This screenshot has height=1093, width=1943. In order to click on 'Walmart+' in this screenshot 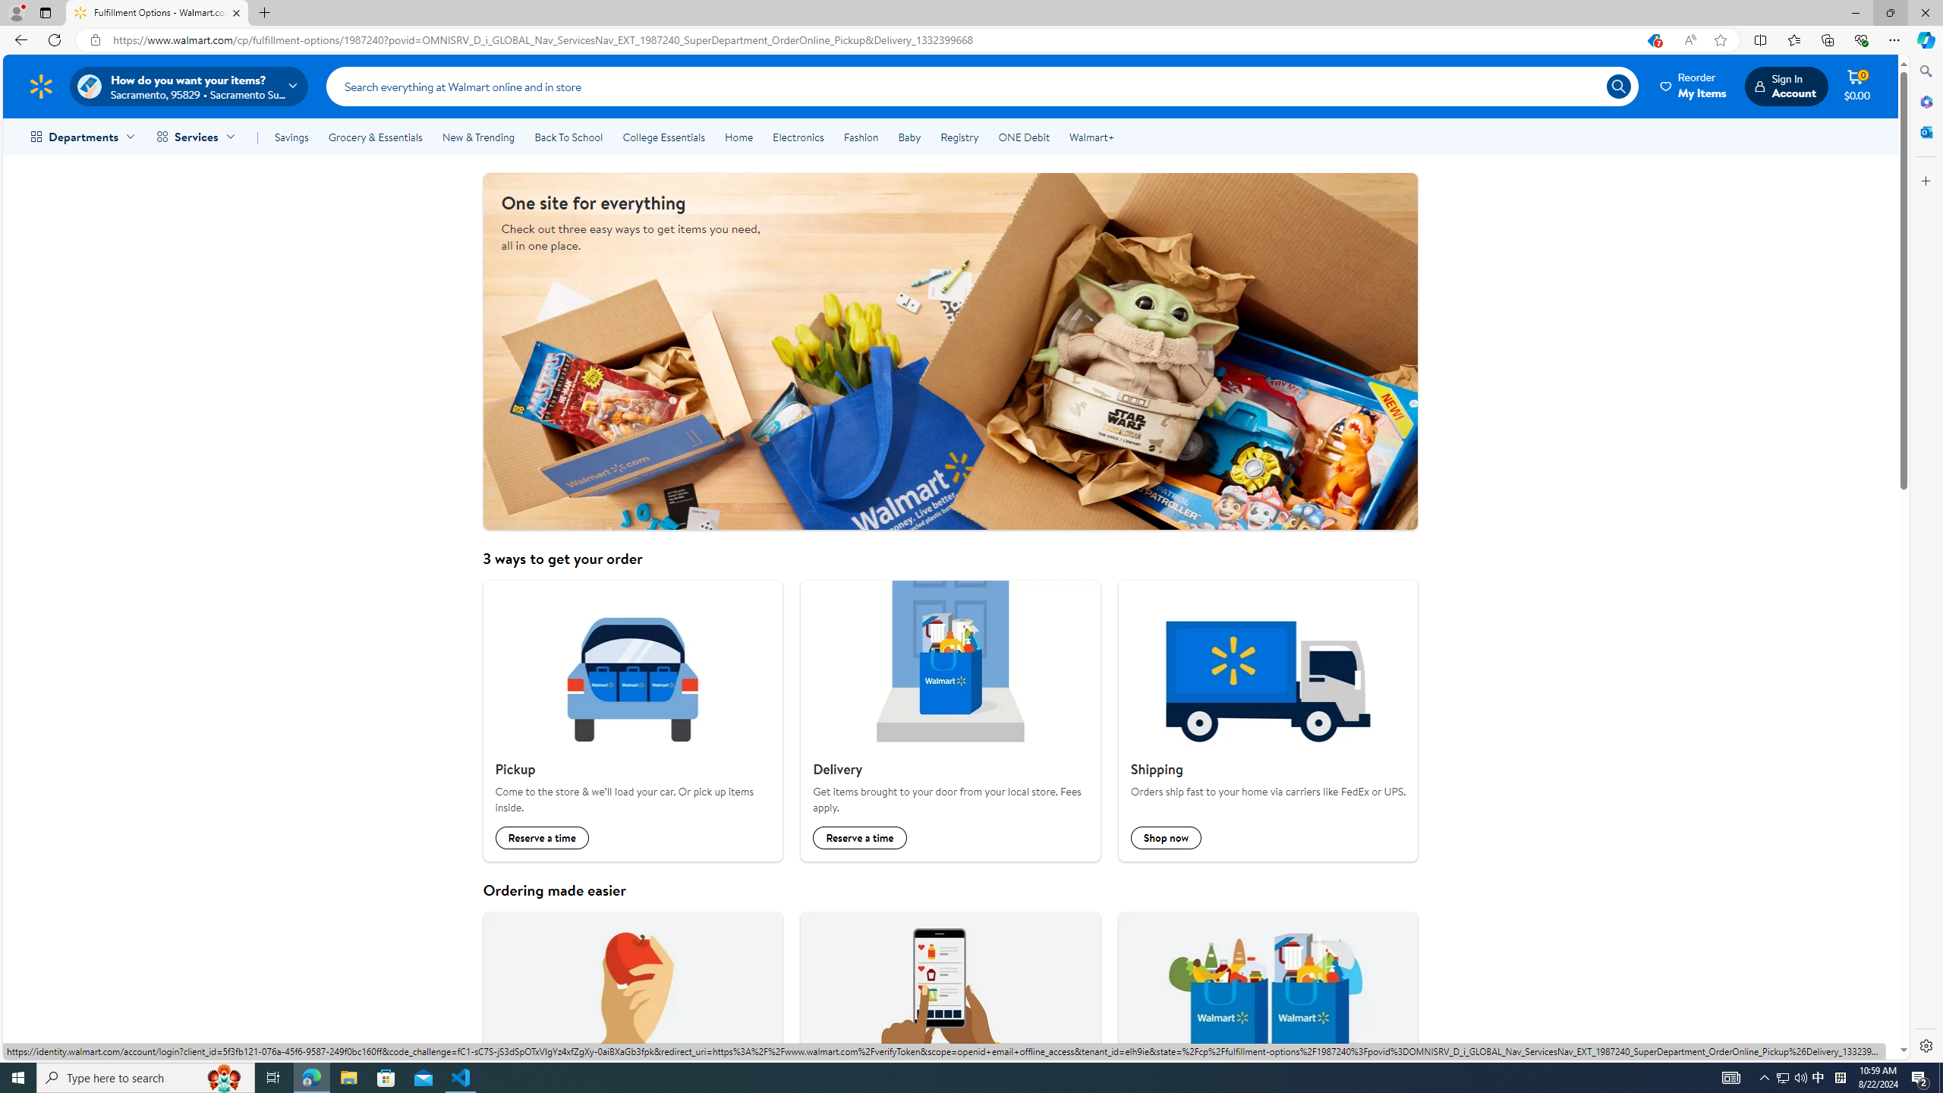, I will do `click(1090, 137)`.